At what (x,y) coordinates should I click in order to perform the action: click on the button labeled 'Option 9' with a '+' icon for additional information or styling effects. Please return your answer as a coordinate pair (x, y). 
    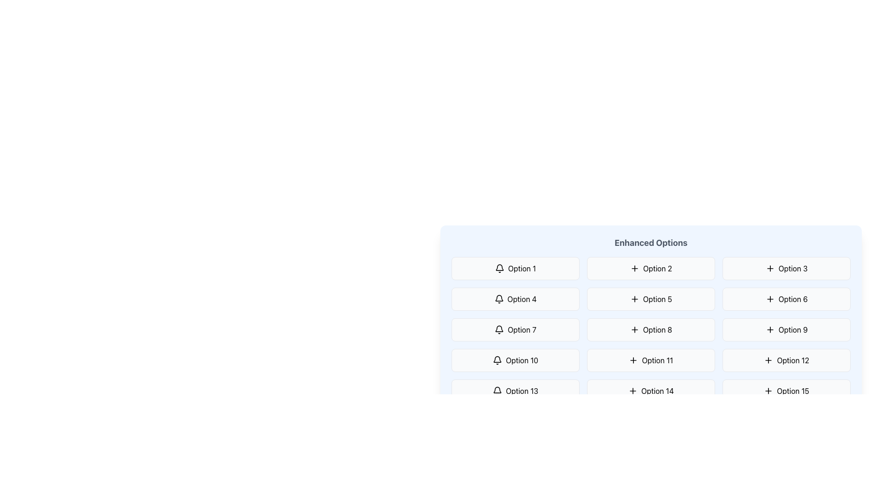
    Looking at the image, I should click on (786, 329).